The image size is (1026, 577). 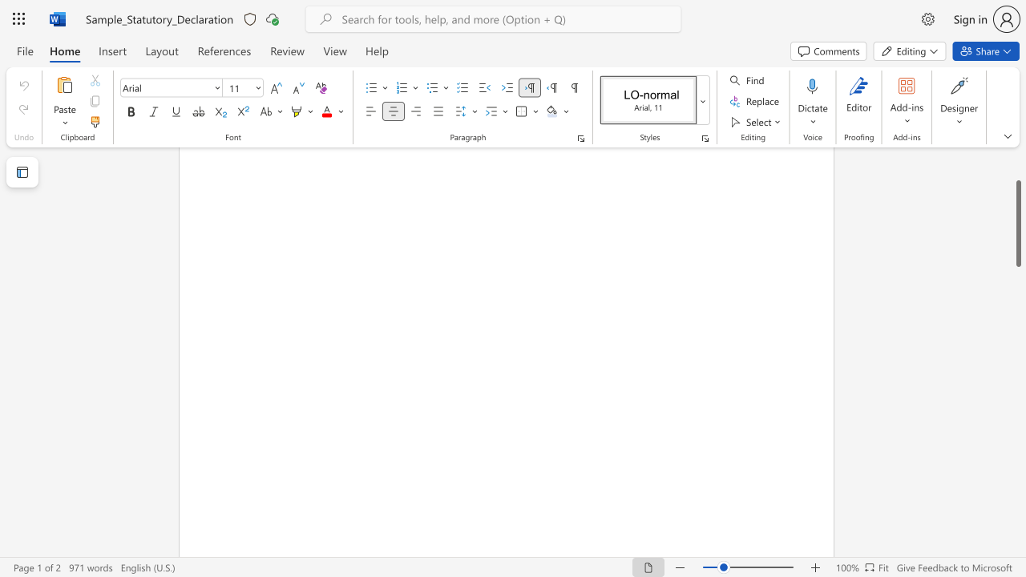 What do you see at coordinates (1017, 224) in the screenshot?
I see `the scrollbar and move down 30 pixels` at bounding box center [1017, 224].